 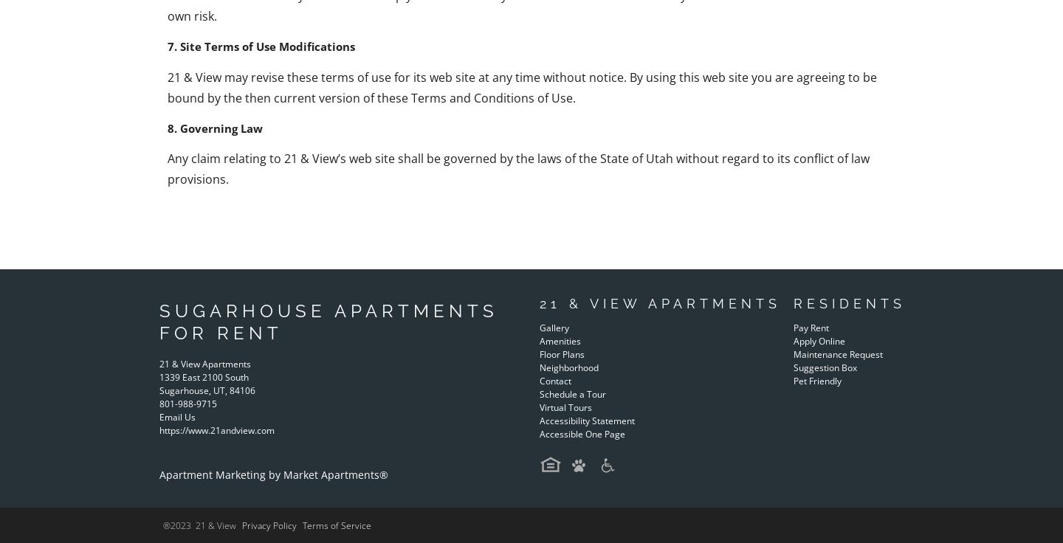 What do you see at coordinates (816, 380) in the screenshot?
I see `'Pet Friendly'` at bounding box center [816, 380].